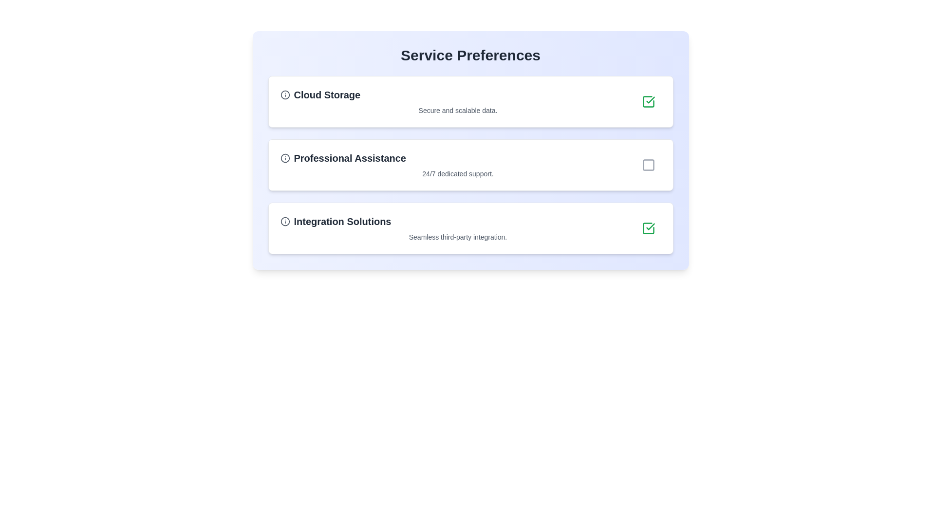 The image size is (935, 526). What do you see at coordinates (650, 100) in the screenshot?
I see `the graphical checkmark icon with a green outline, located to the far right of the 'Cloud Storage' option in the 'Service Preferences' section` at bounding box center [650, 100].